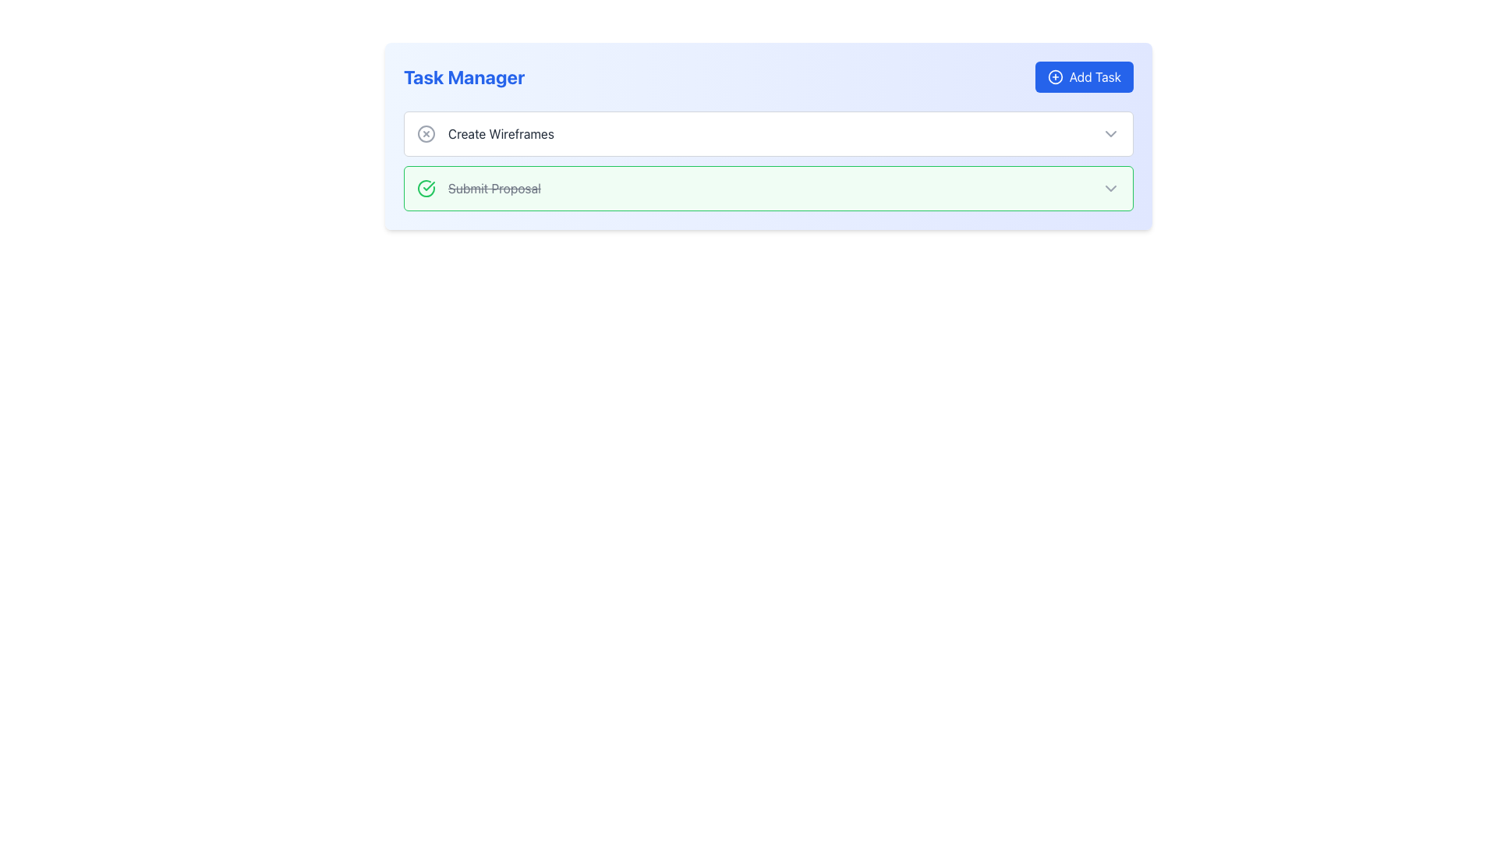 The height and width of the screenshot is (842, 1497). Describe the element at coordinates (426, 188) in the screenshot. I see `the status or completion indicator icon located next to the 'Submit Proposal' task in the 'Task Manager' section` at that location.